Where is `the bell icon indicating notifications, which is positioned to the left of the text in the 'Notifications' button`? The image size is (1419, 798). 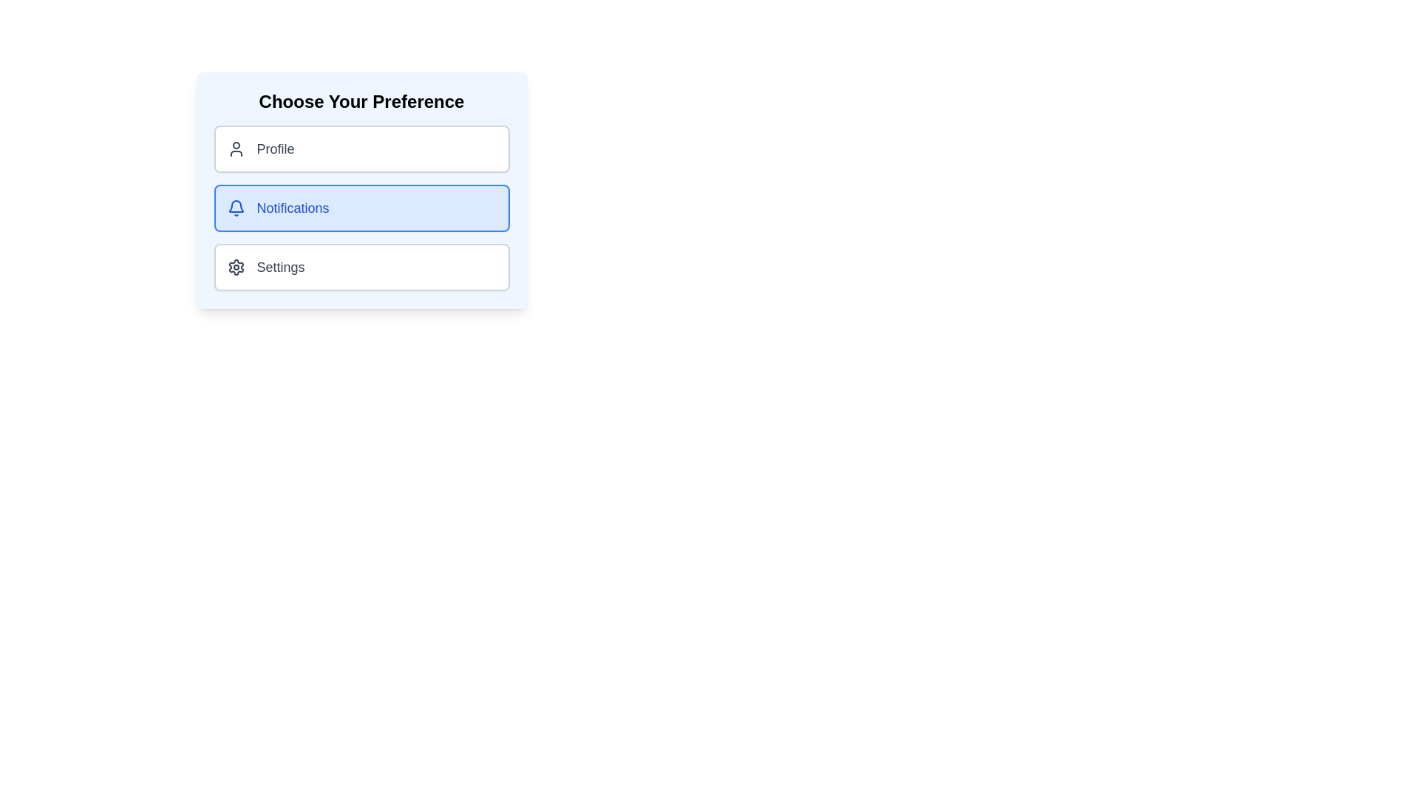 the bell icon indicating notifications, which is positioned to the left of the text in the 'Notifications' button is located at coordinates (235, 208).